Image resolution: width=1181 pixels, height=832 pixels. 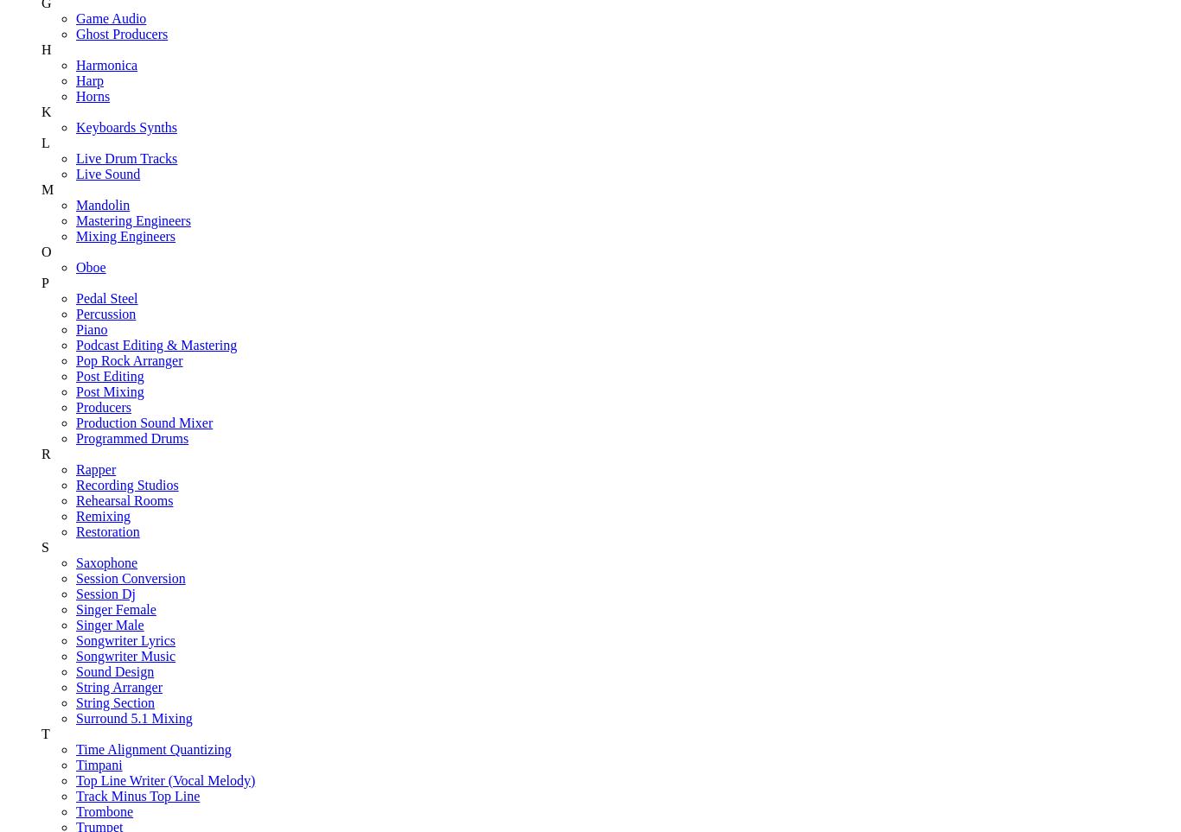 What do you see at coordinates (91, 266) in the screenshot?
I see `'Oboe'` at bounding box center [91, 266].